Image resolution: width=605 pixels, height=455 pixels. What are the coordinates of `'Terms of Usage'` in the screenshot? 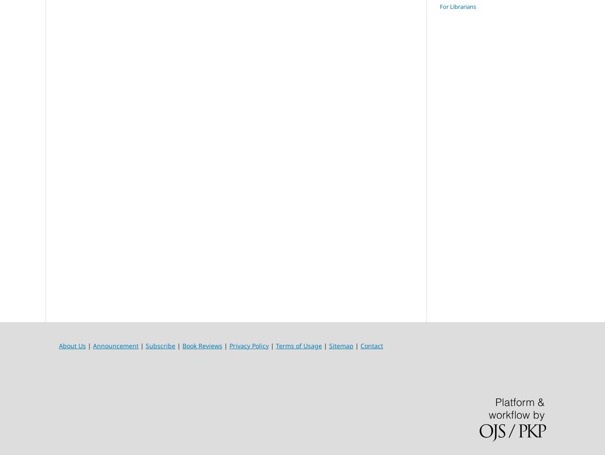 It's located at (275, 345).